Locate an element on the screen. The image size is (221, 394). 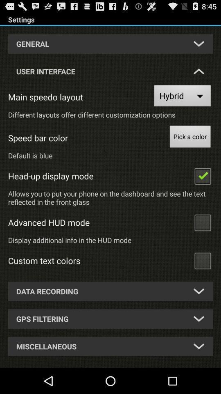
item to the right of the speed bar color app is located at coordinates (190, 137).